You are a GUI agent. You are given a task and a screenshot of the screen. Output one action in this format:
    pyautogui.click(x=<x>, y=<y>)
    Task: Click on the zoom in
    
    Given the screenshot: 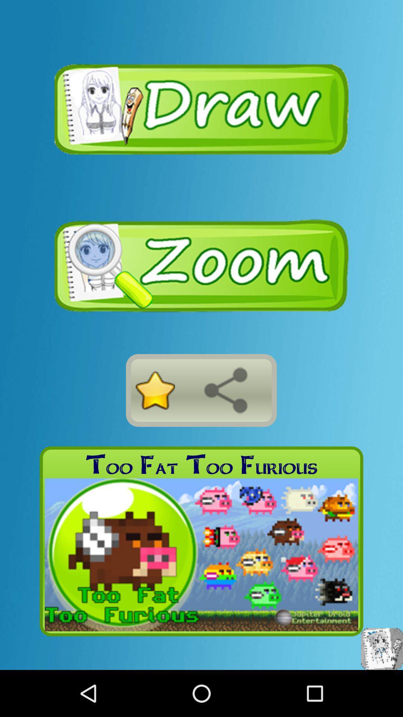 What is the action you would take?
    pyautogui.click(x=201, y=266)
    